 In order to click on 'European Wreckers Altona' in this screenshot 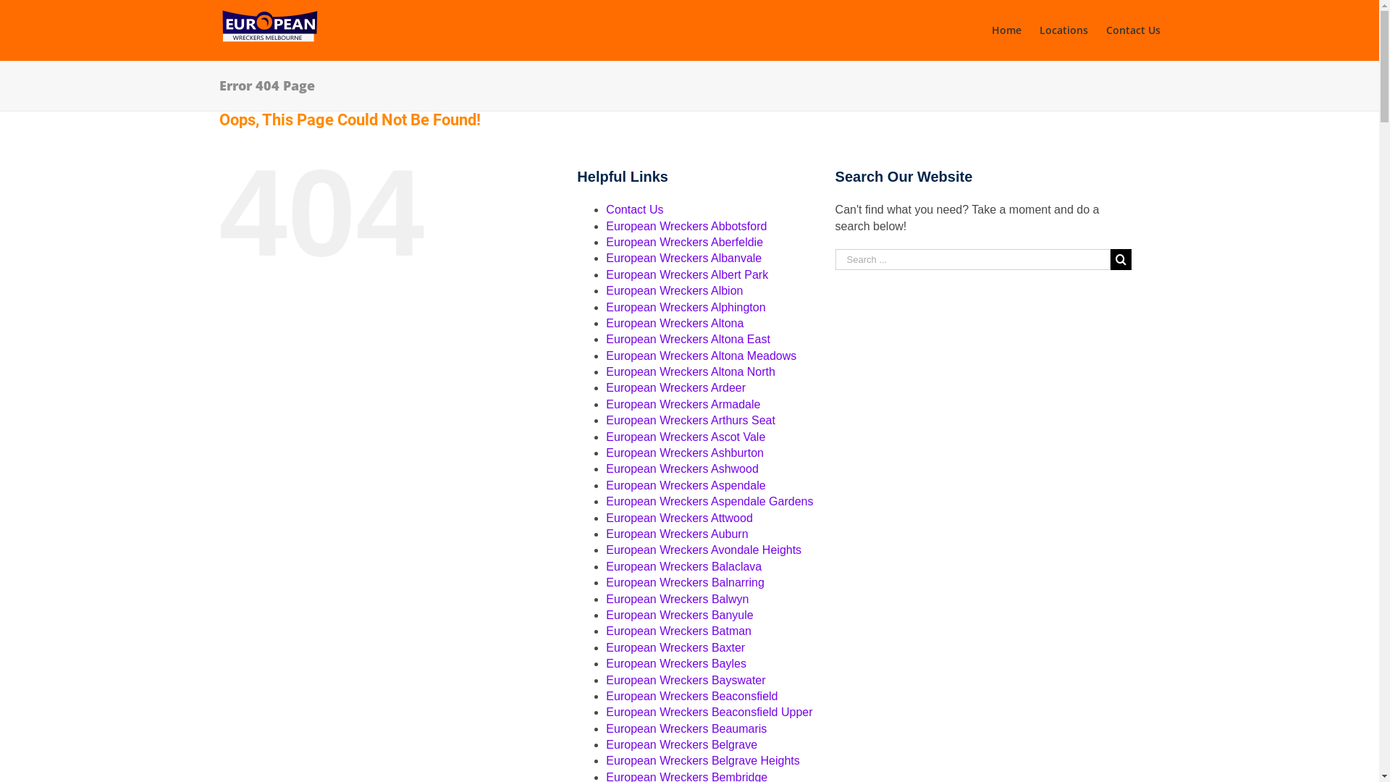, I will do `click(673, 322)`.